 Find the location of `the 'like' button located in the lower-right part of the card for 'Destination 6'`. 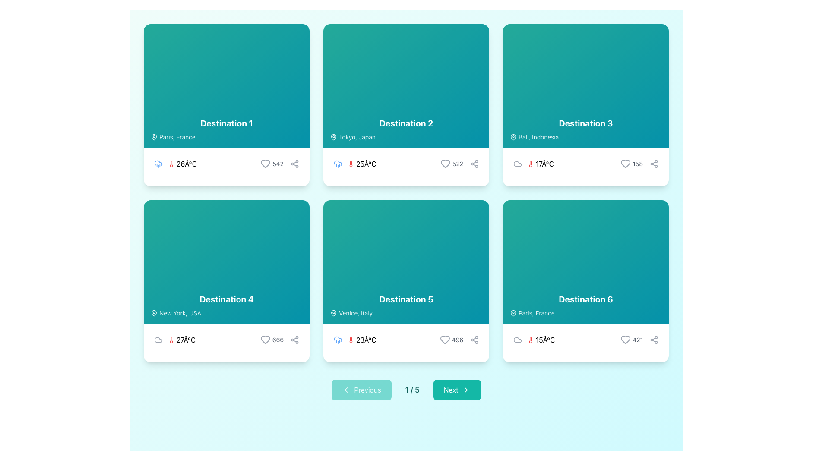

the 'like' button located in the lower-right part of the card for 'Destination 6' is located at coordinates (632, 339).